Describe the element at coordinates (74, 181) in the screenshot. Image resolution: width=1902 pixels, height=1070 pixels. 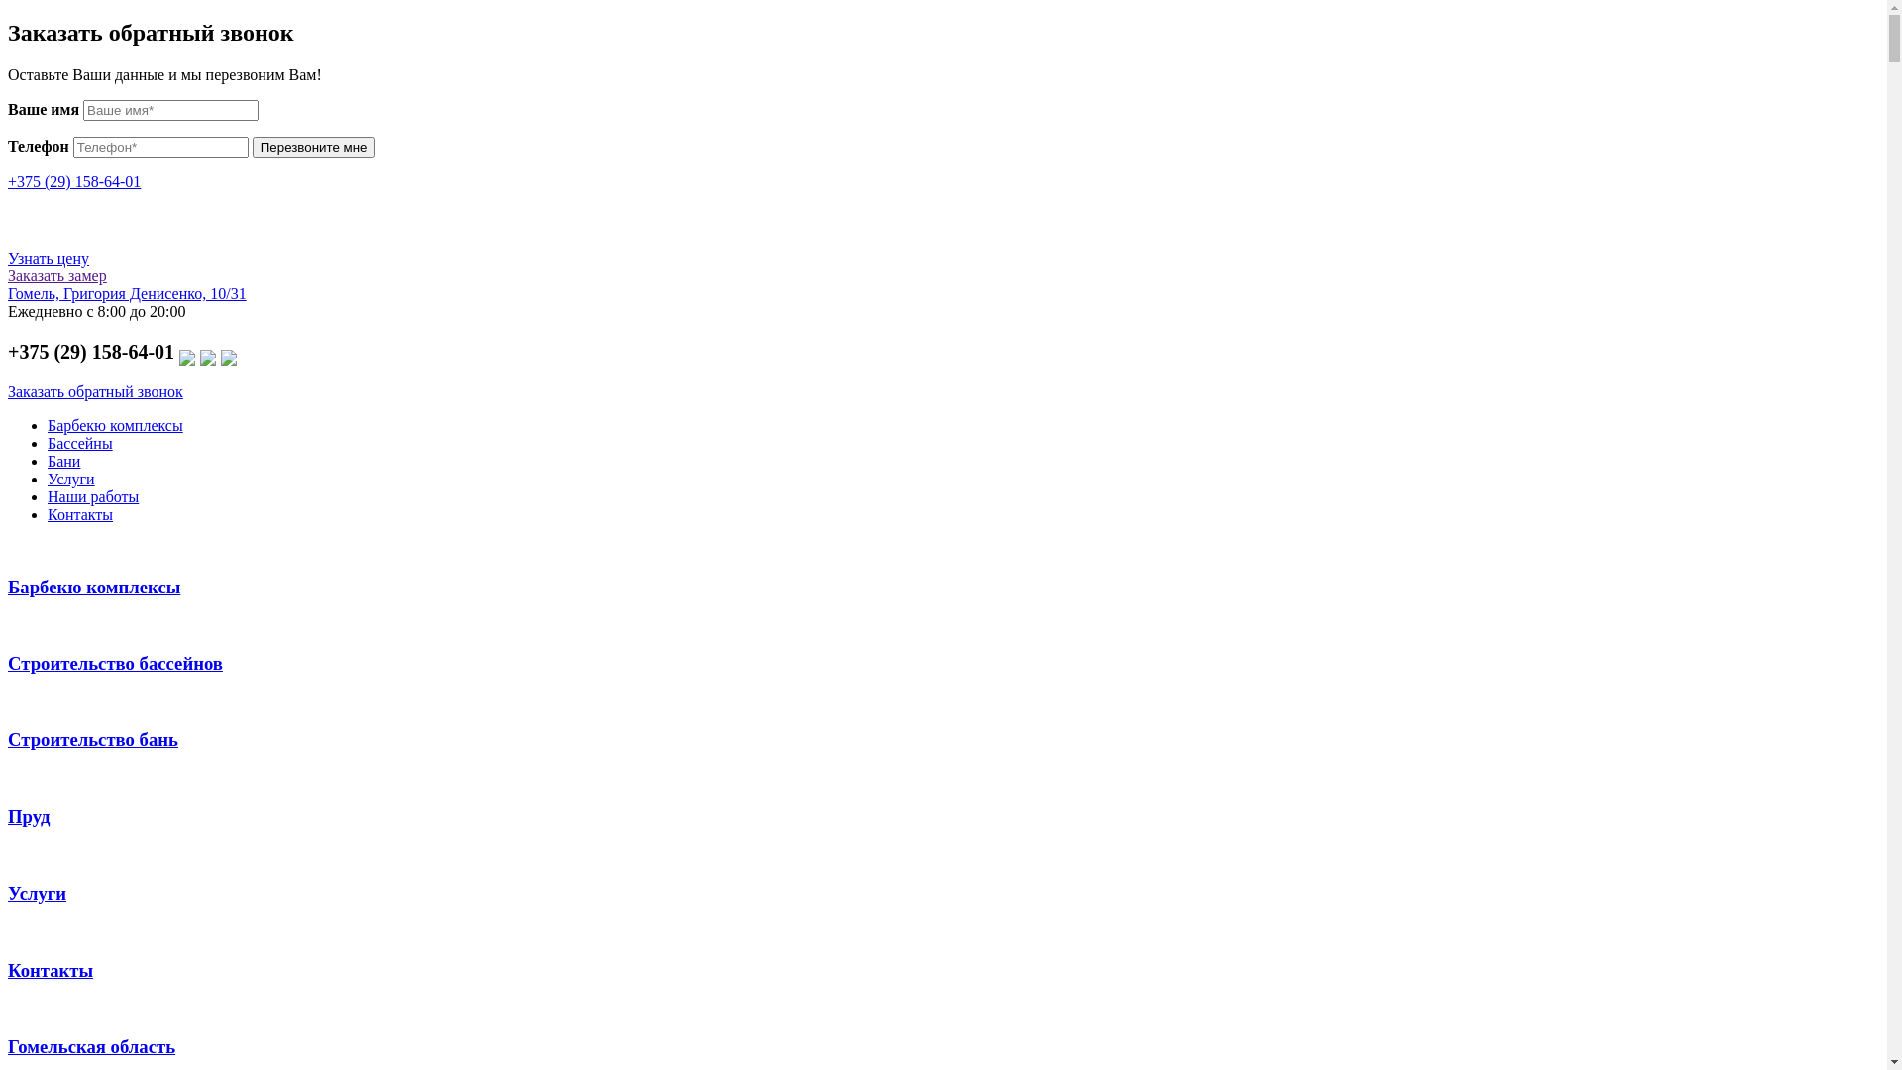
I see `'+375 (29) 158-64-01'` at that location.